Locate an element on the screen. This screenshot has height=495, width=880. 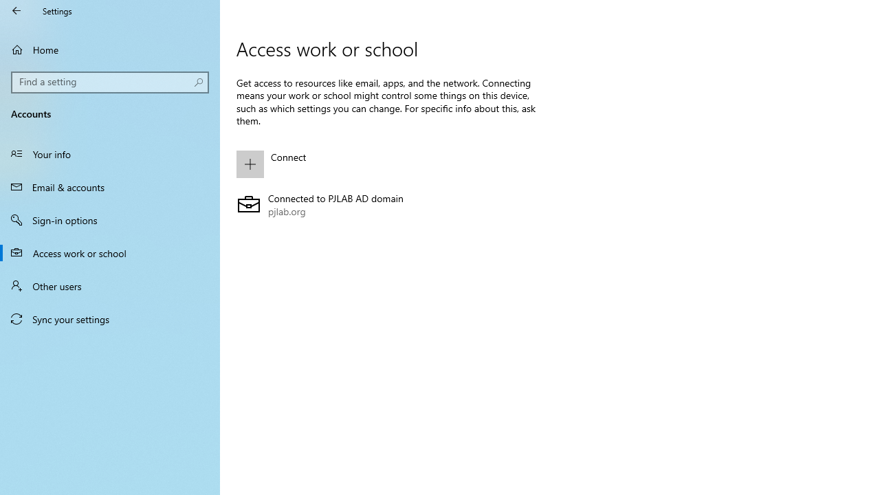
'Your info' is located at coordinates (110, 153).